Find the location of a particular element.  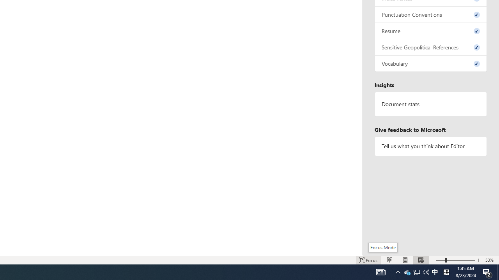

'Document statistics' is located at coordinates (430, 103).